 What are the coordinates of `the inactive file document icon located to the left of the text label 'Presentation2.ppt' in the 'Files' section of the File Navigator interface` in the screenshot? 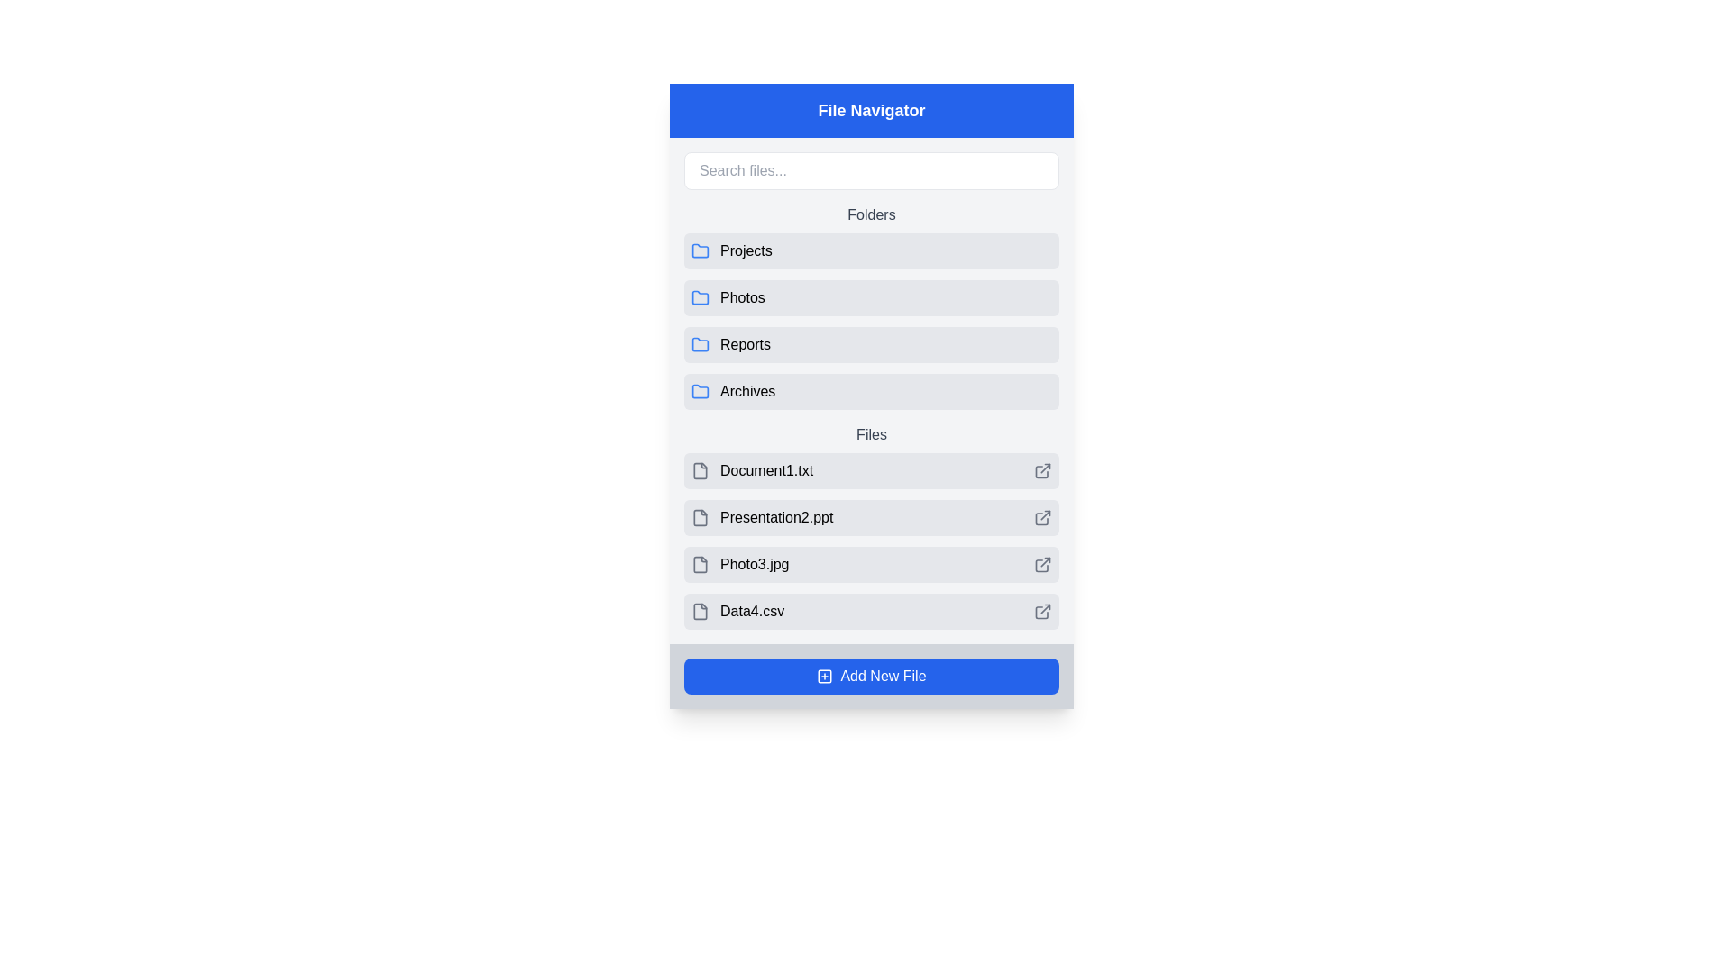 It's located at (700, 517).